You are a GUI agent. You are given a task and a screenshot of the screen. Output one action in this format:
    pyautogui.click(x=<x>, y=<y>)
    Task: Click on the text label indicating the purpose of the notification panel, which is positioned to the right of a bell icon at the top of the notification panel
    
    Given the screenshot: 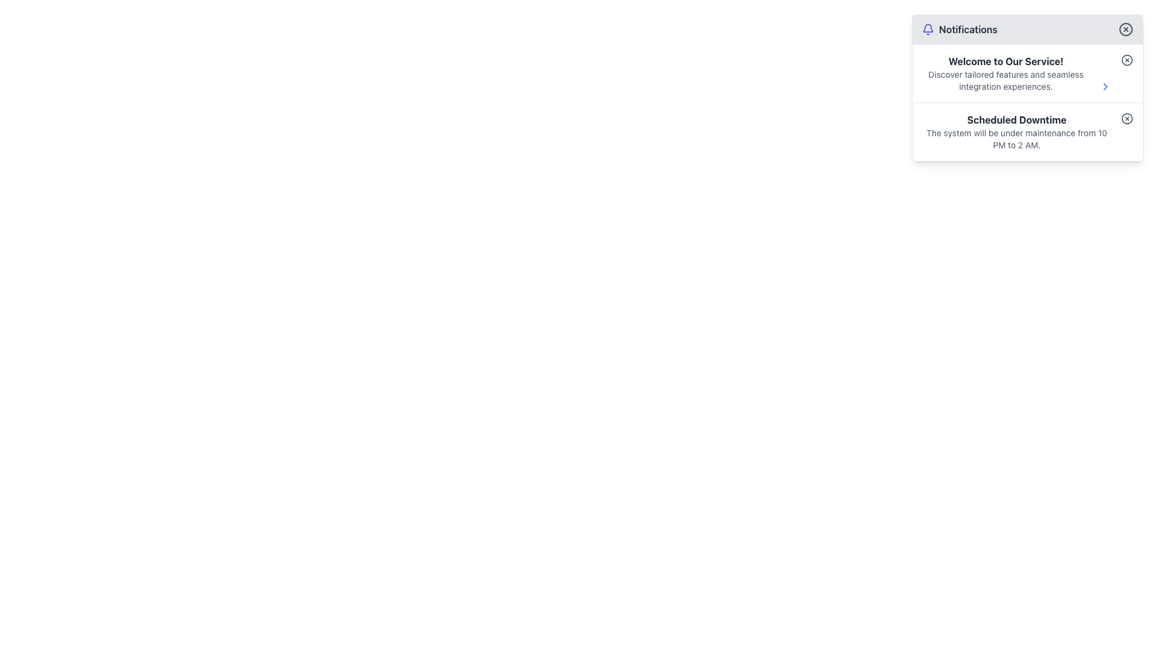 What is the action you would take?
    pyautogui.click(x=968, y=29)
    